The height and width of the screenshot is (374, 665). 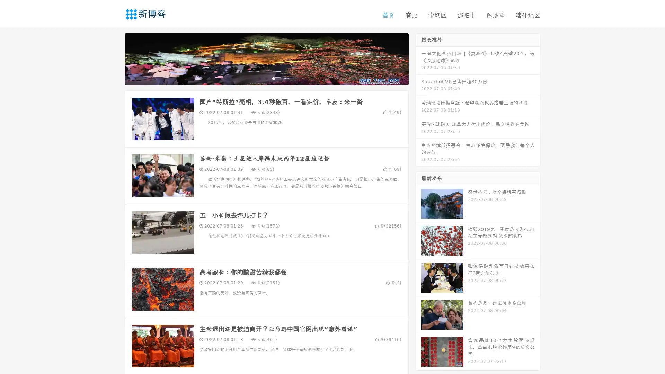 I want to click on Go to slide 3, so click(x=273, y=78).